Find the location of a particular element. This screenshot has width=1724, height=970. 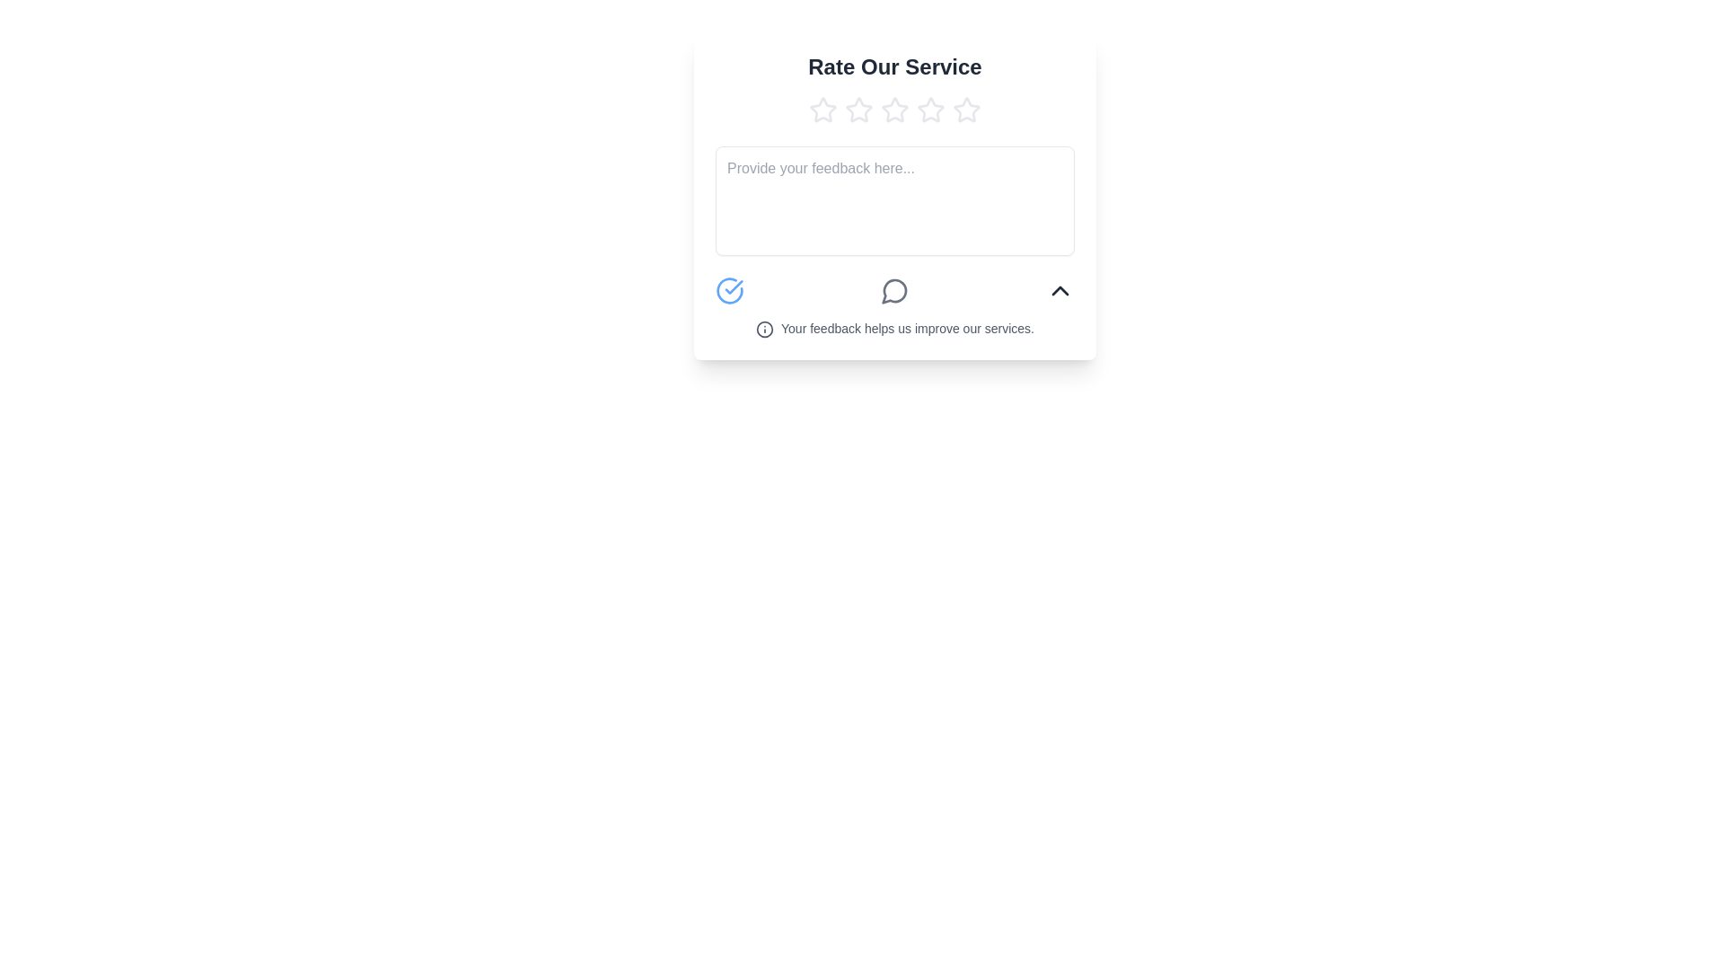

the information icon located in the section titled 'Your feedback helps us improve our services.' This icon is the leftmost item in the section, positioned before the textual content is located at coordinates (765, 330).